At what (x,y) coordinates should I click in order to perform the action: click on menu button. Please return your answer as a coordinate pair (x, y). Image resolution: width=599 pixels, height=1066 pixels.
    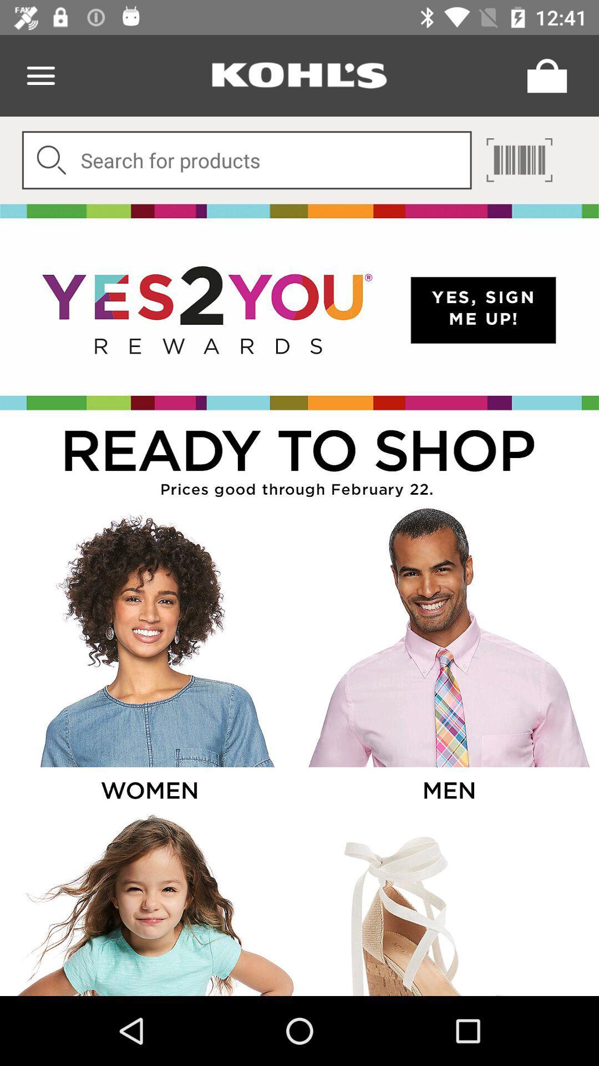
    Looking at the image, I should click on (40, 75).